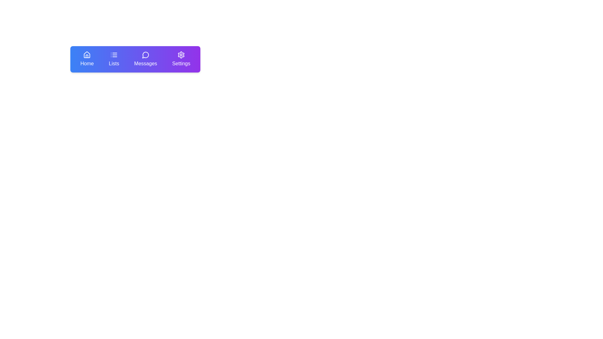  Describe the element at coordinates (145, 59) in the screenshot. I see `the 'Messages' menu item in the navigation bar` at that location.